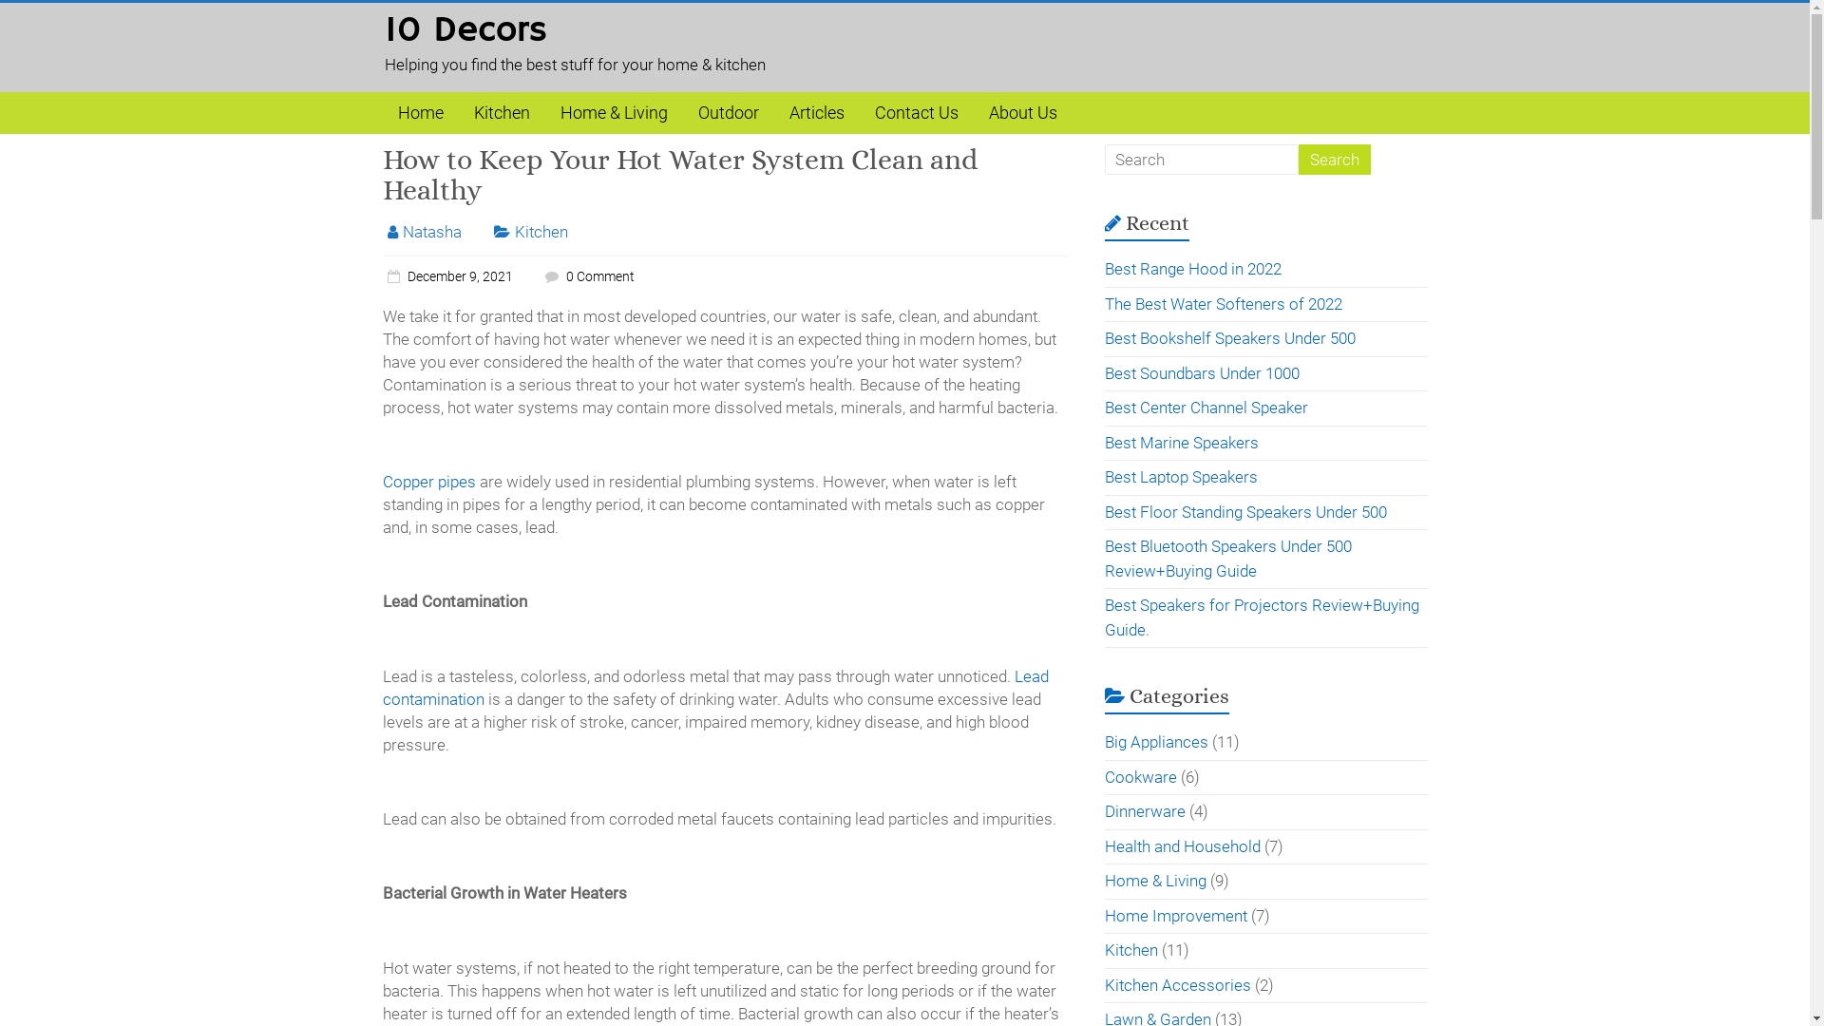 This screenshot has width=1824, height=1026. I want to click on 'December 9, 2021', so click(446, 275).